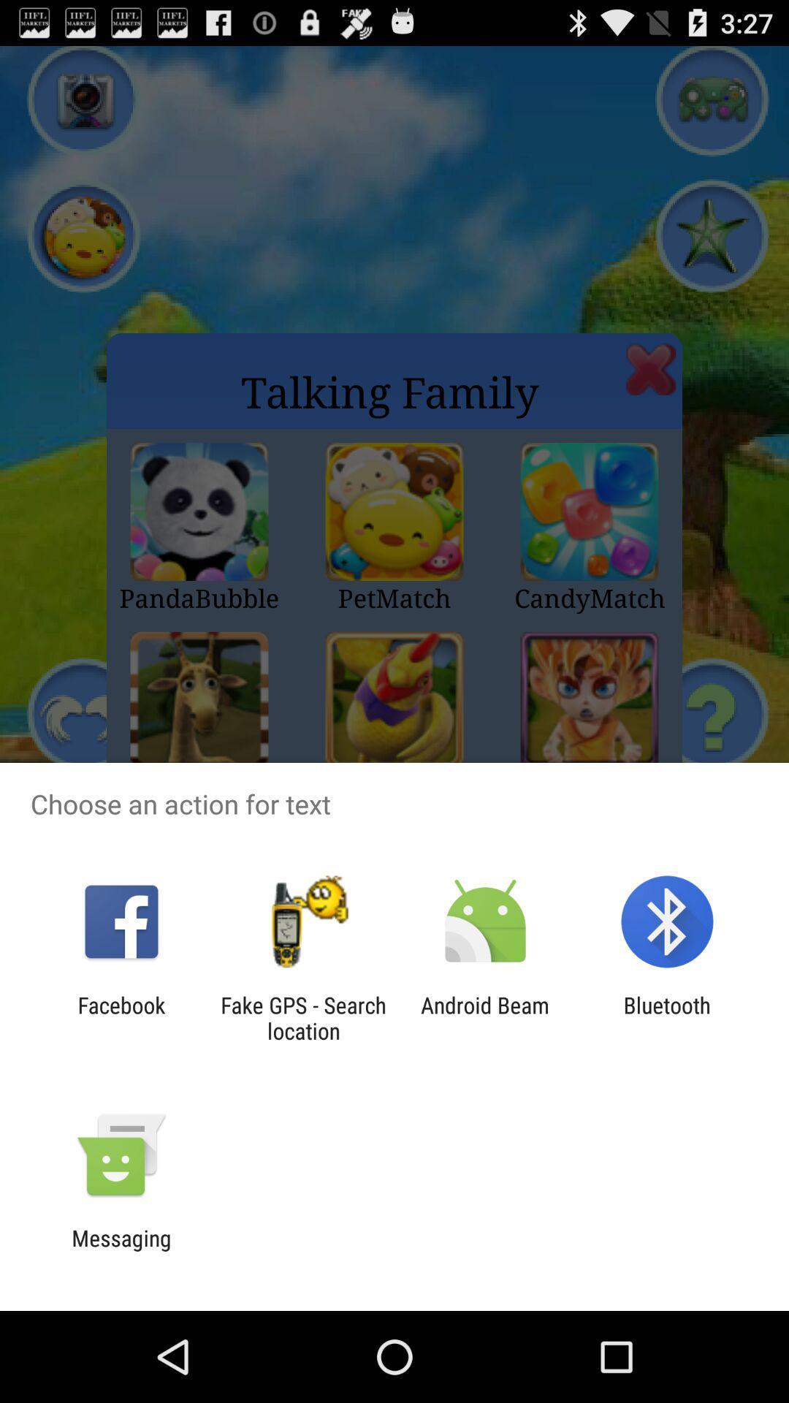  What do you see at coordinates (302, 1017) in the screenshot?
I see `fake gps search icon` at bounding box center [302, 1017].